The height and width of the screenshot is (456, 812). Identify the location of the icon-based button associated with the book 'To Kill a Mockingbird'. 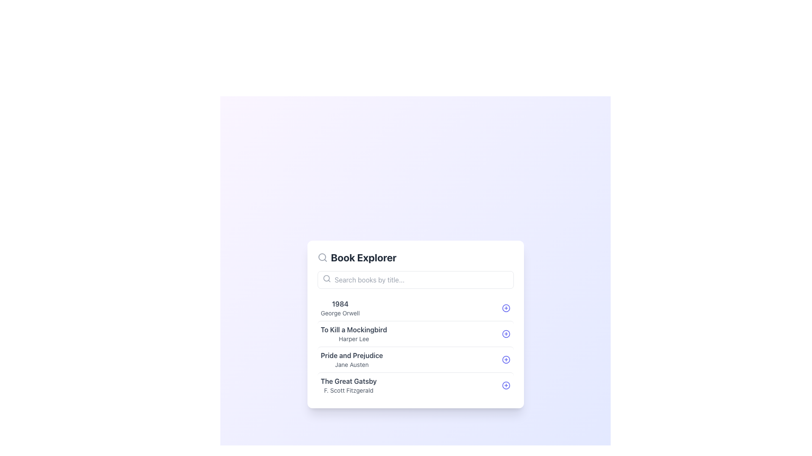
(506, 333).